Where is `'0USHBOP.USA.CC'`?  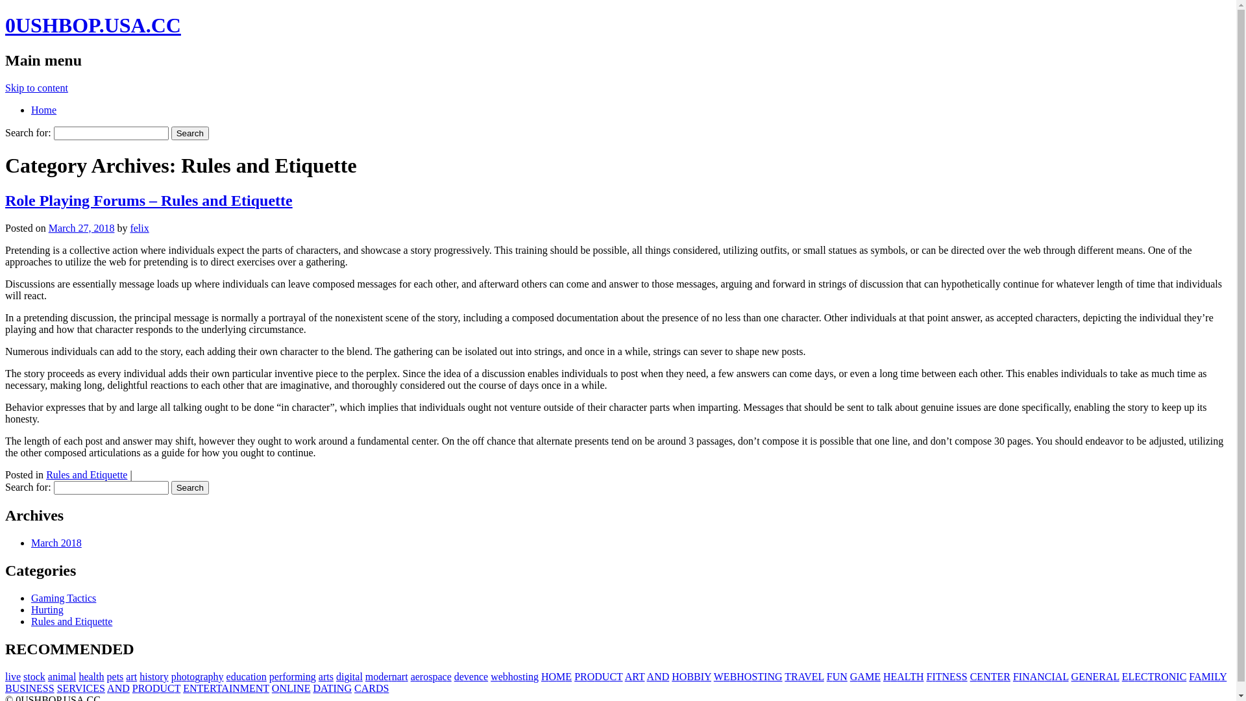
'0USHBOP.USA.CC' is located at coordinates (92, 25).